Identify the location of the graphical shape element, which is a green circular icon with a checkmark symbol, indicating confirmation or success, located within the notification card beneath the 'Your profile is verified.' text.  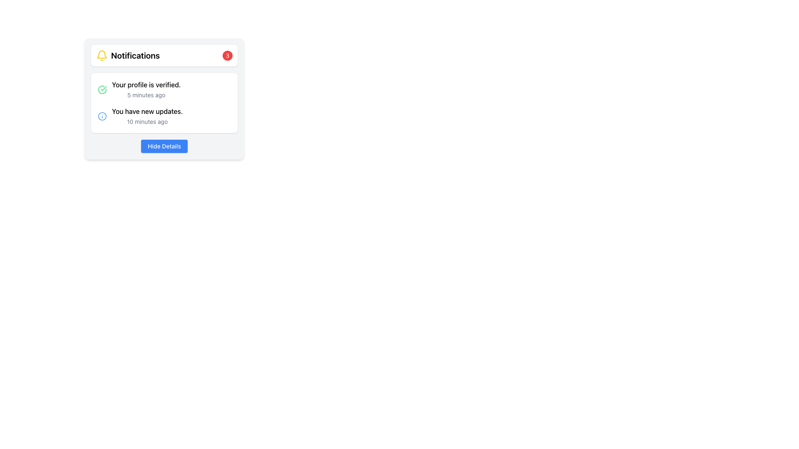
(102, 90).